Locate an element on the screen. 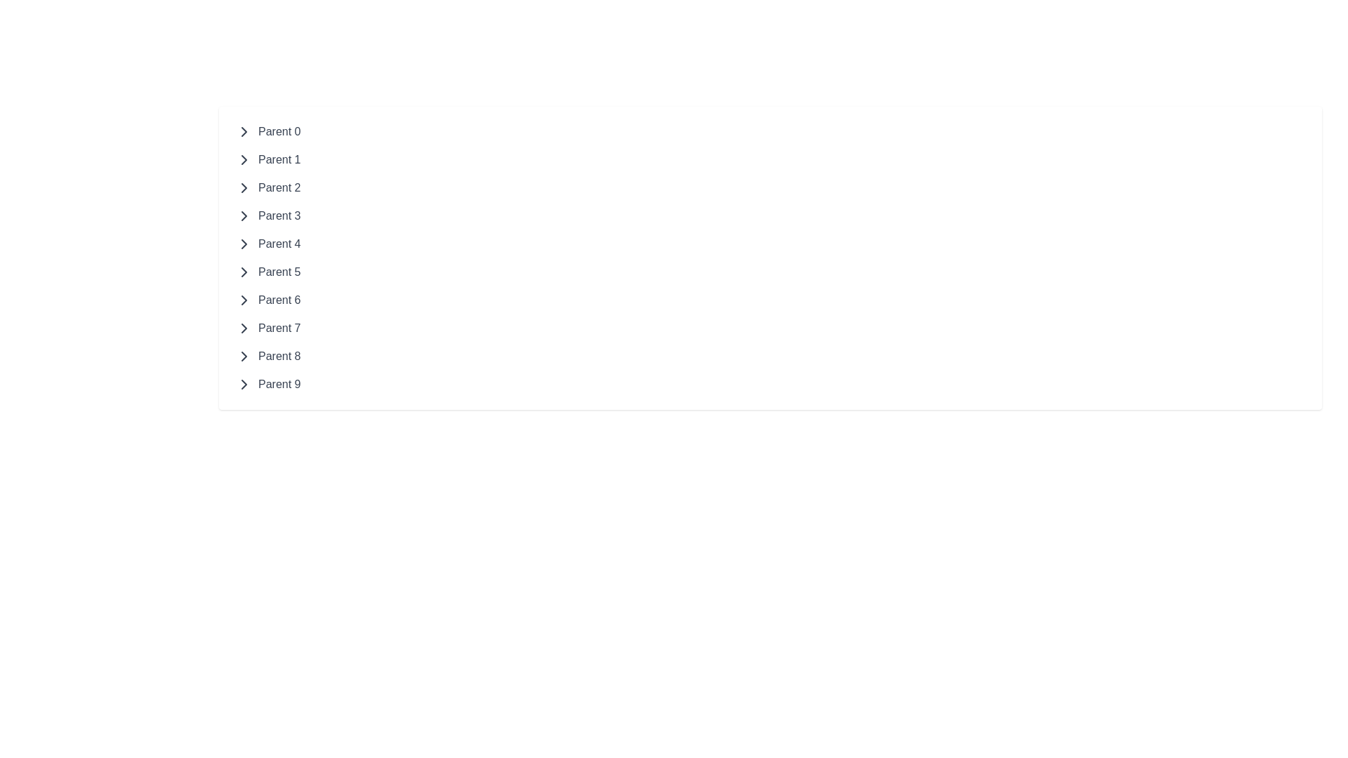  the sixth item in the vertical navigation list, which is a text label associated with a collapsible section is located at coordinates (268, 272).